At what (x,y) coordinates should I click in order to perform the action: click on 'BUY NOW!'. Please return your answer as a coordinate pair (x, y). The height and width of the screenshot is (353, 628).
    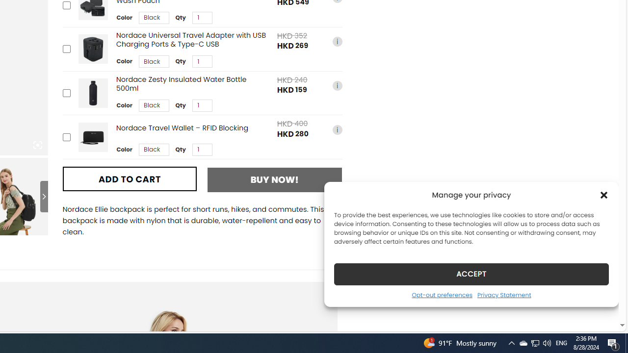
    Looking at the image, I should click on (275, 179).